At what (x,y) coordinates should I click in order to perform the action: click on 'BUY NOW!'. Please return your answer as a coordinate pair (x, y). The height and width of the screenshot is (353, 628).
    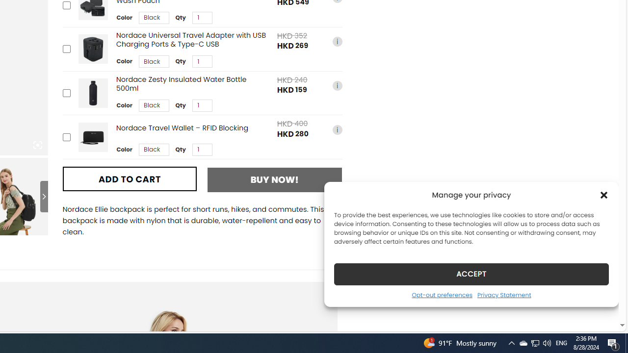
    Looking at the image, I should click on (275, 179).